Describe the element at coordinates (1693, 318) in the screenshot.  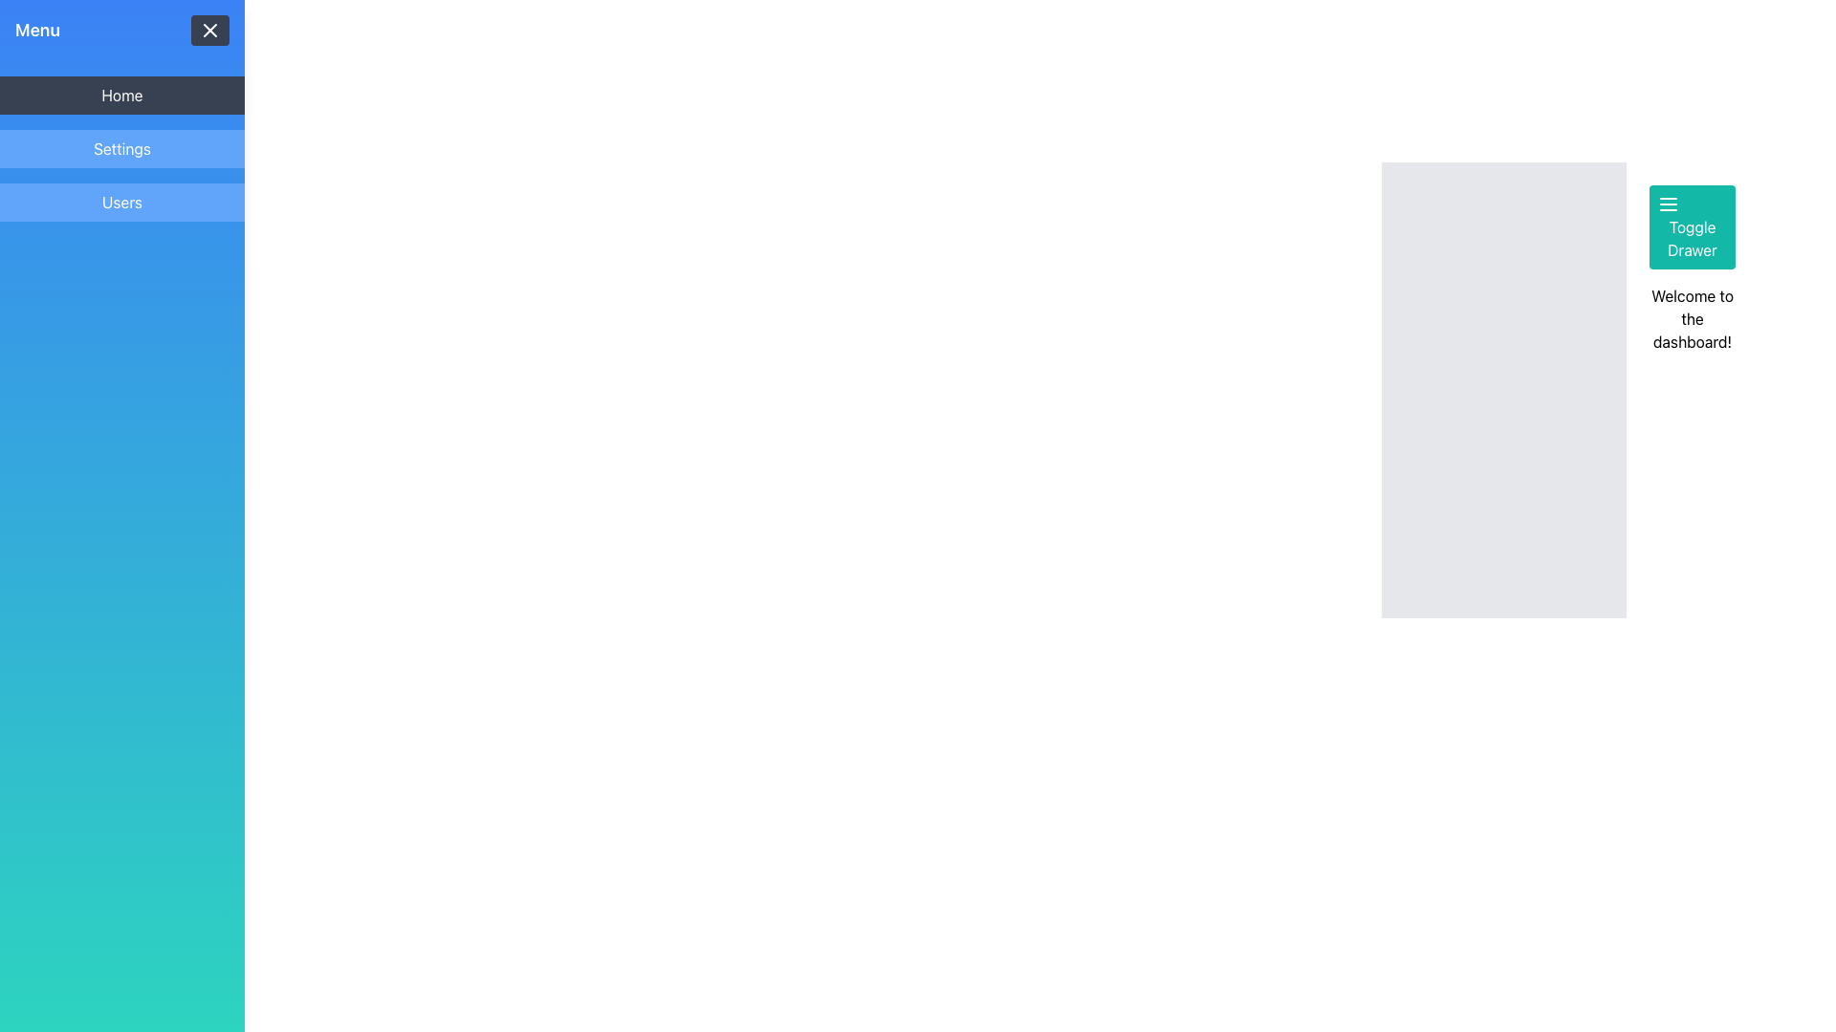
I see `the text label that reads 'Welcome to the dashboard!', which is centrally aligned and positioned directly below the 'Toggle Drawer' button` at that location.